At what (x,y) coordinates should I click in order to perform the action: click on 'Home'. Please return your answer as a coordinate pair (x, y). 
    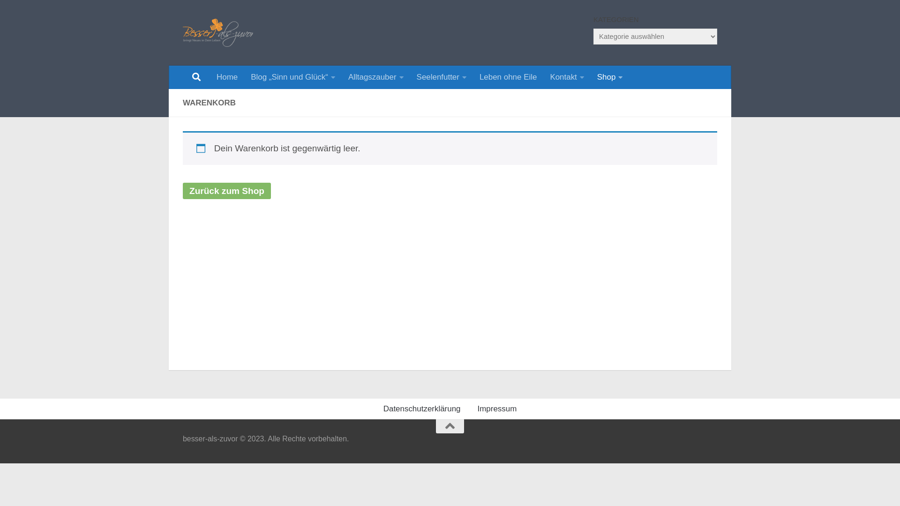
    Looking at the image, I should click on (227, 77).